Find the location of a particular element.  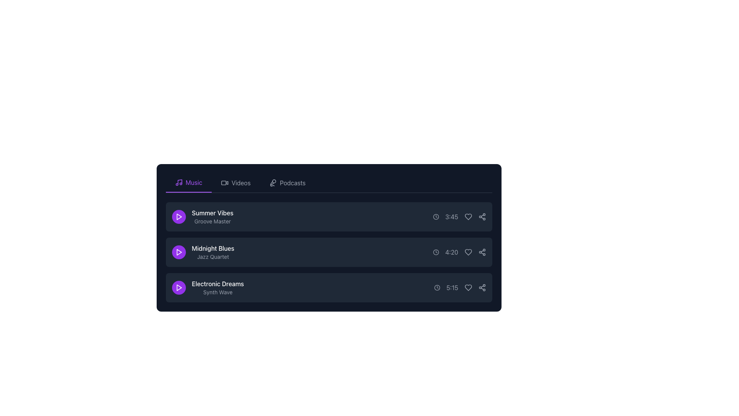

text label 'Synth Wave' located directly underneath the larger text 'Electronic Dreams' in the 'Music' section of the media player interface is located at coordinates (217, 292).